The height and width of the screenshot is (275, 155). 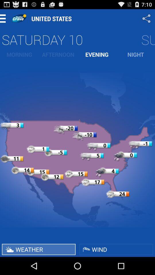 I want to click on item to the right of evening item, so click(x=135, y=54).